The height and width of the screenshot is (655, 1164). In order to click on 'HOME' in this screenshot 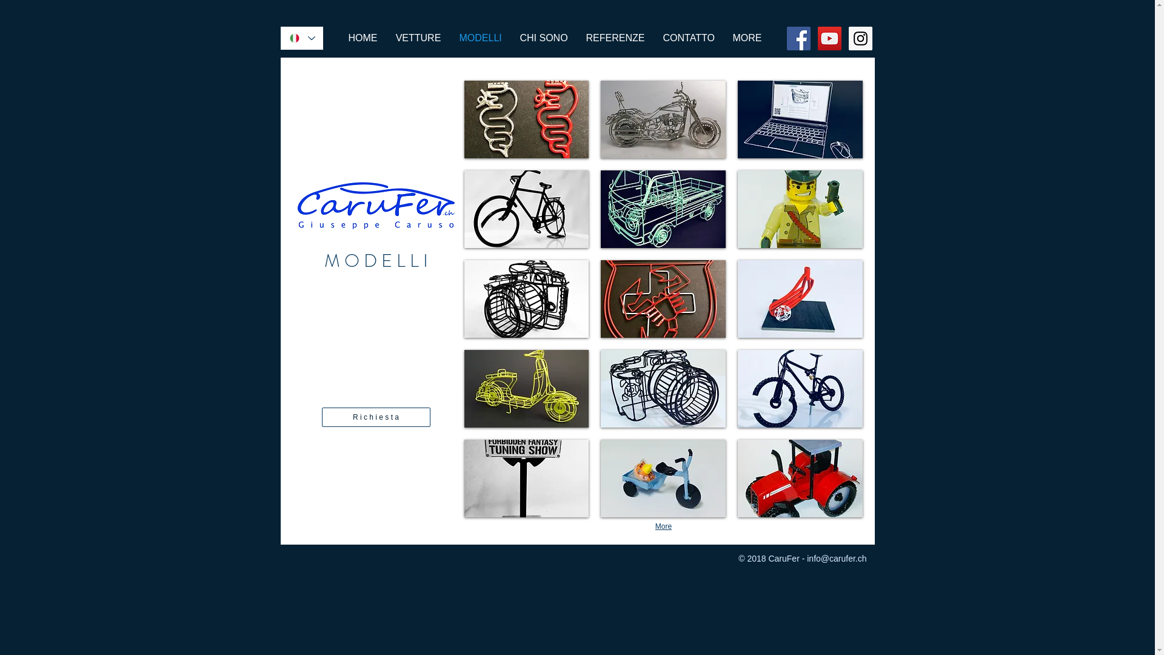, I will do `click(363, 37)`.